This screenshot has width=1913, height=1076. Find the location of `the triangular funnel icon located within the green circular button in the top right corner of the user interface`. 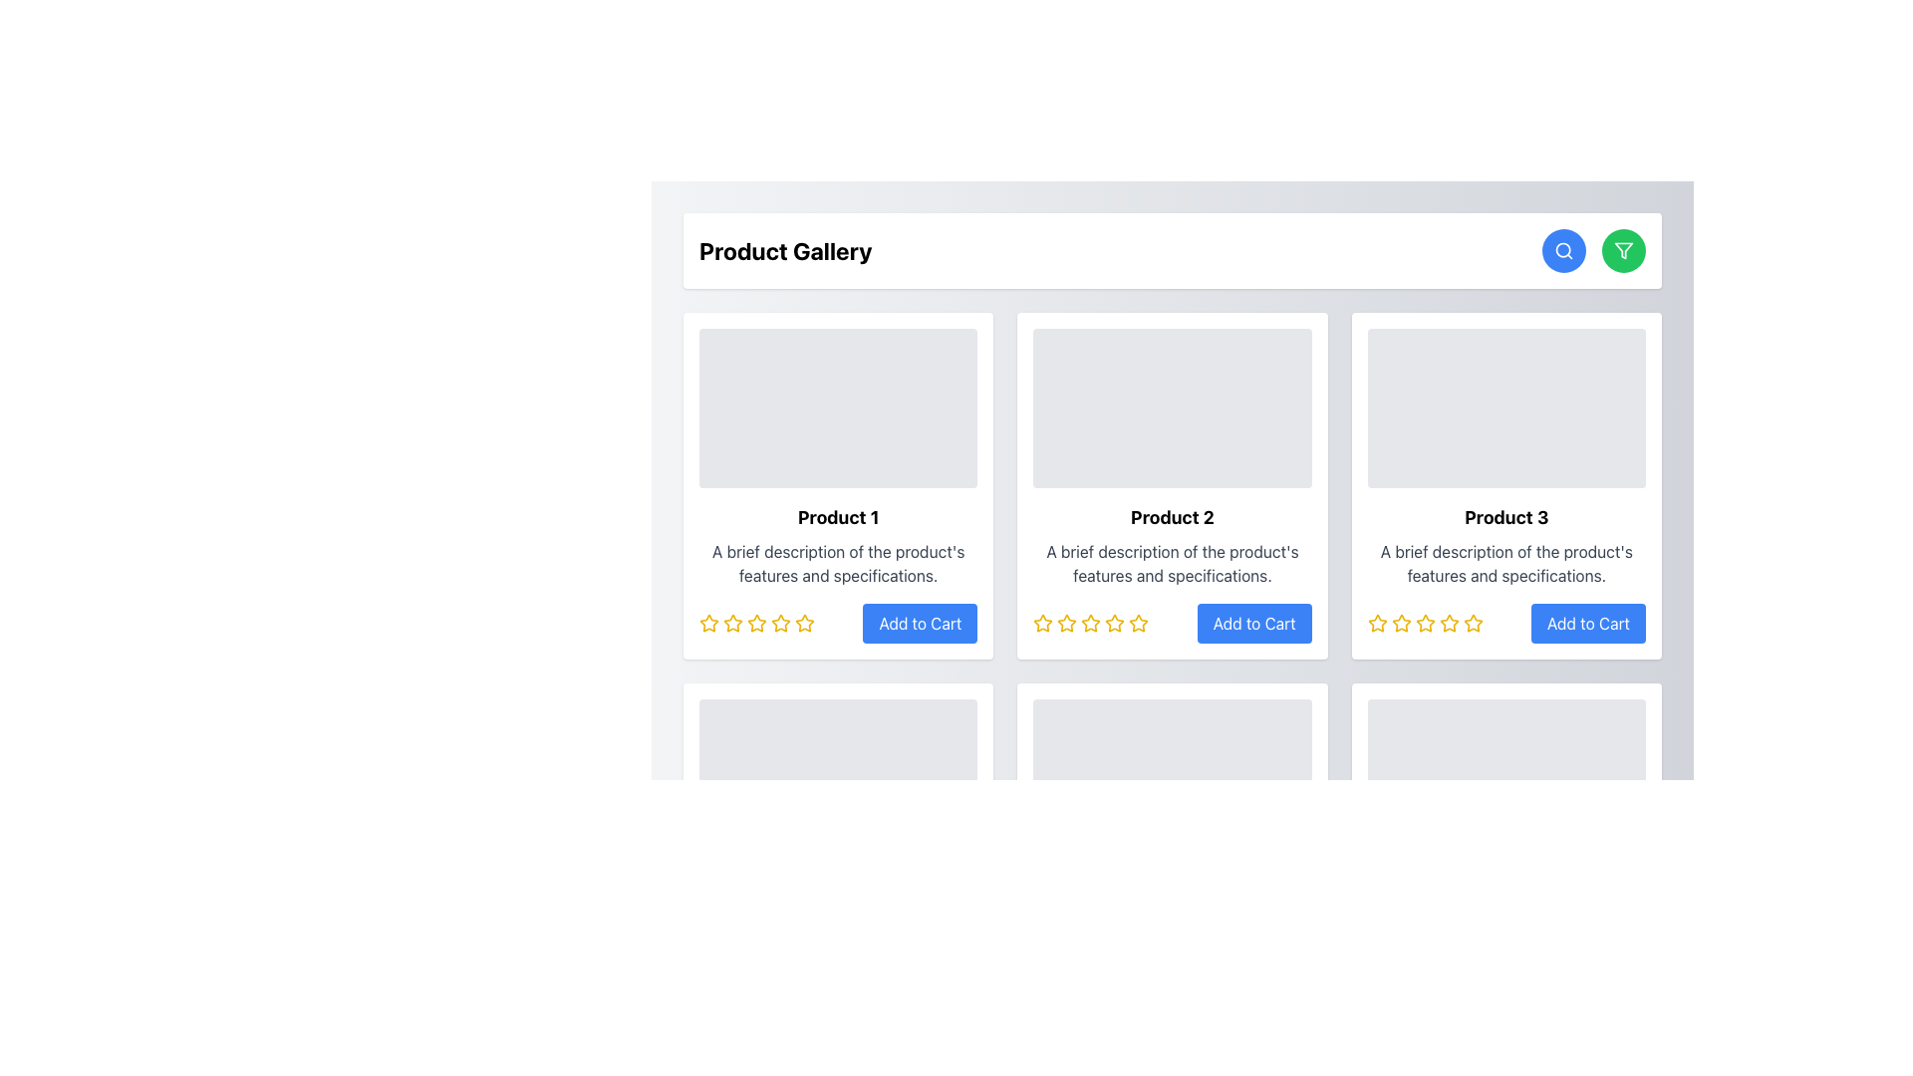

the triangular funnel icon located within the green circular button in the top right corner of the user interface is located at coordinates (1624, 249).